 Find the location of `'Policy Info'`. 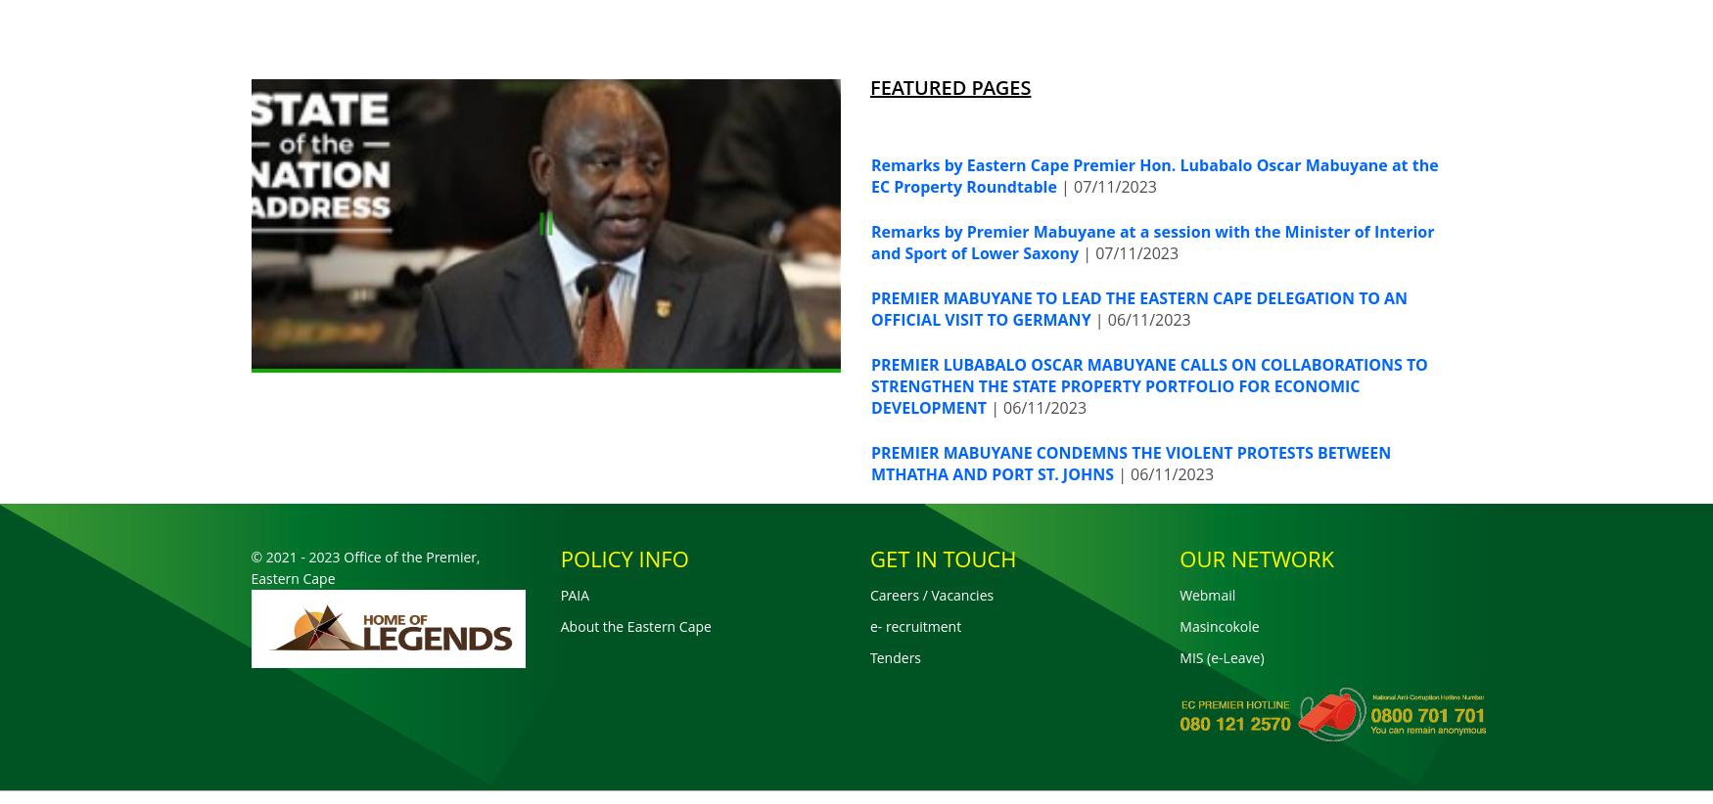

'Policy Info' is located at coordinates (623, 557).